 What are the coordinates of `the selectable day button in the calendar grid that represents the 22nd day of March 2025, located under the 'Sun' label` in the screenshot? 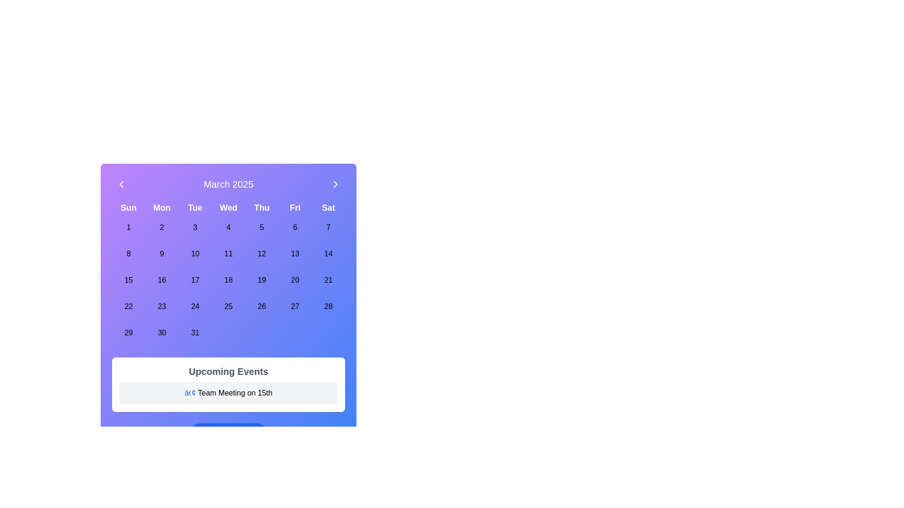 It's located at (128, 306).